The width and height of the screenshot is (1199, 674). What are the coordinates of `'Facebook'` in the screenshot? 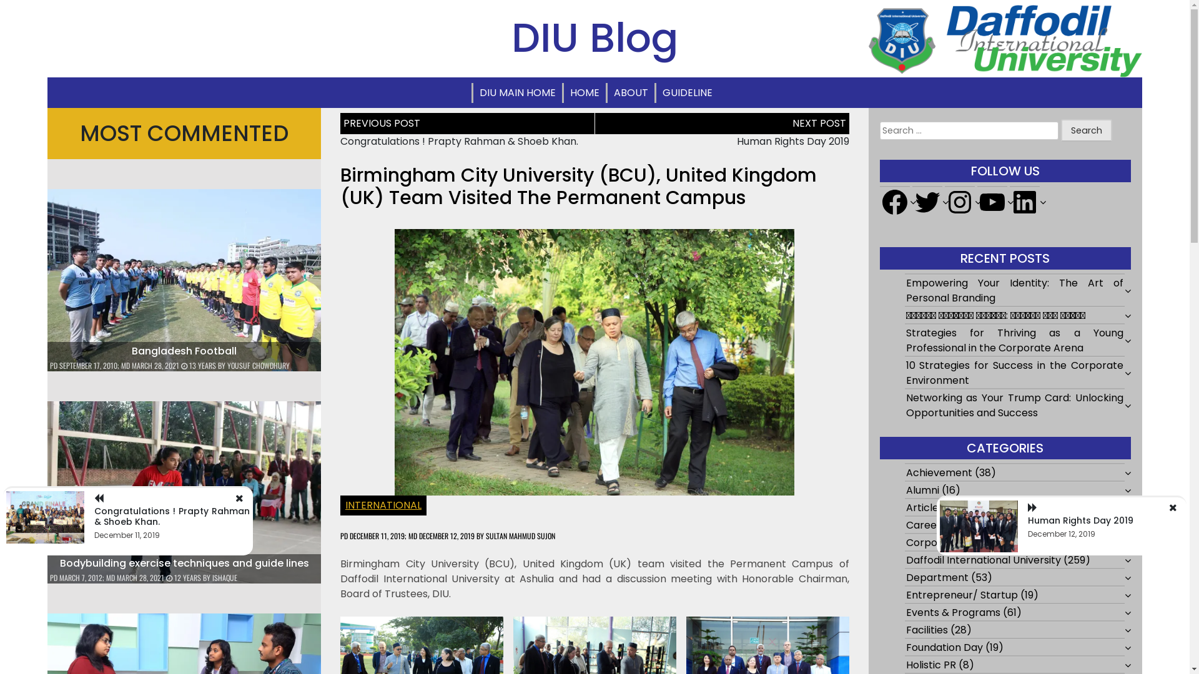 It's located at (894, 202).